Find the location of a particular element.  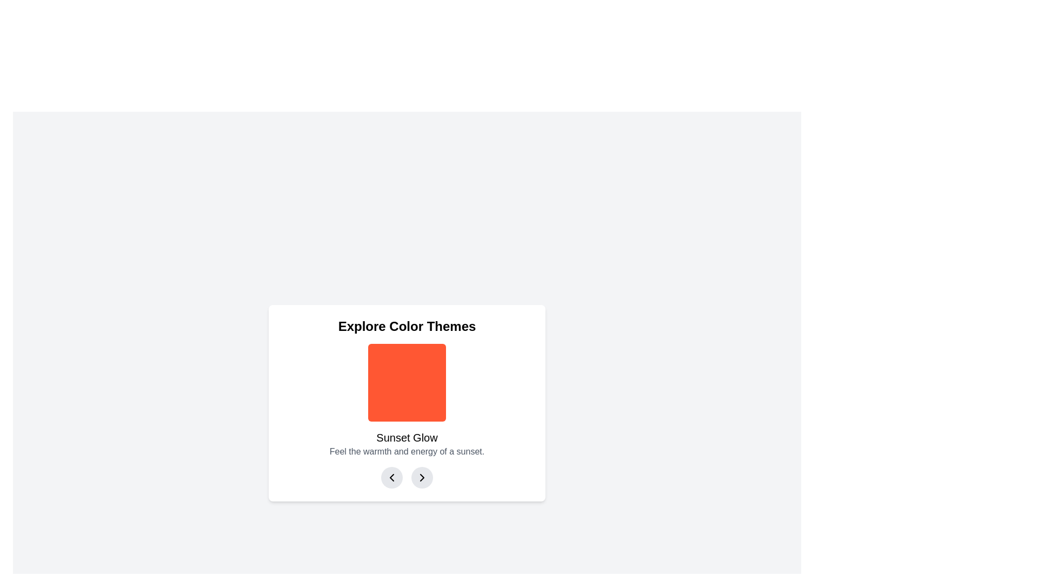

the navigation controls cluster located in the 'Explore Color Themes' section, positioned below the text 'Feel the warmth and energy of a sunset.' is located at coordinates (407, 477).